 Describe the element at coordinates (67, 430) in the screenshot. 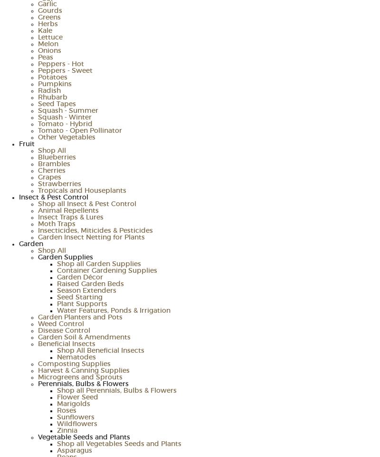

I see `'Zinnia'` at that location.